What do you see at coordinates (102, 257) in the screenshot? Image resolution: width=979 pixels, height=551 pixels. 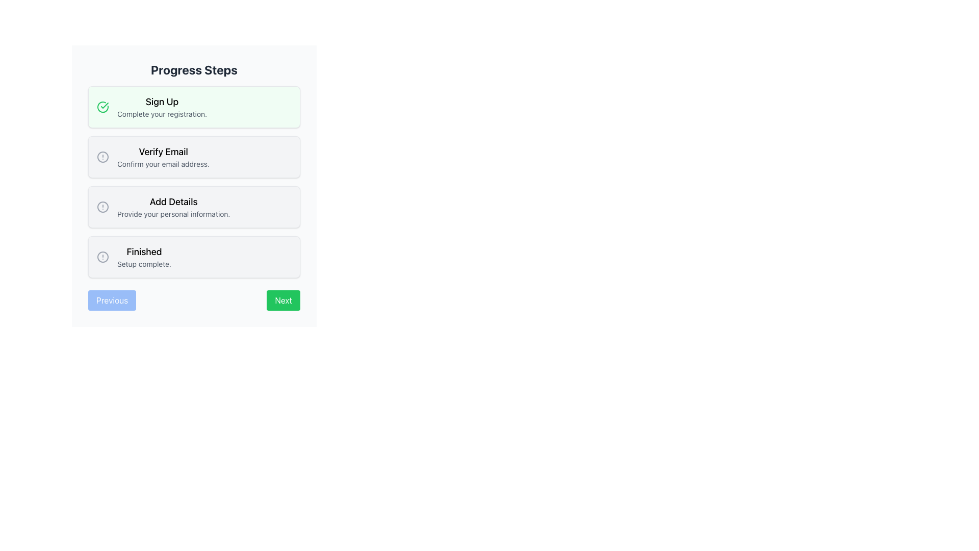 I see `the informational alert icon located in the 'Finished' section of the progress steps, positioned on the far left of the row containing the 'Finished' label and description` at bounding box center [102, 257].